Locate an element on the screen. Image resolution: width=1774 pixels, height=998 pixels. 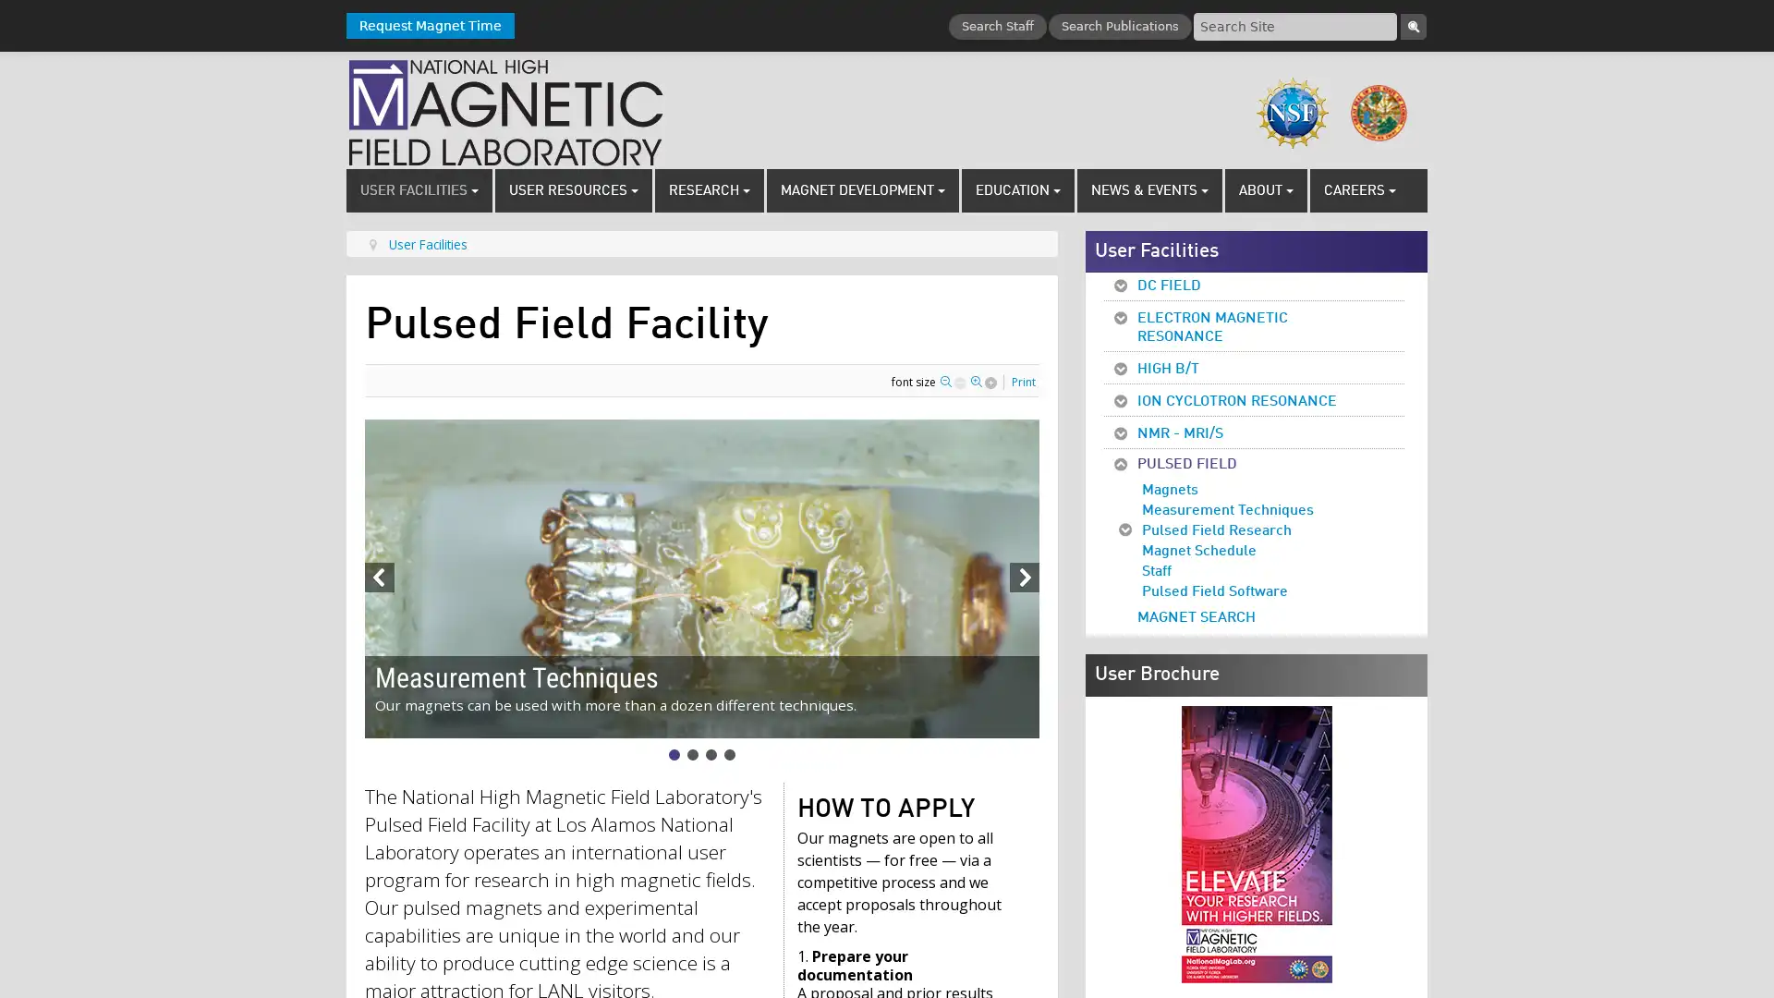
Search Staff is located at coordinates (997, 27).